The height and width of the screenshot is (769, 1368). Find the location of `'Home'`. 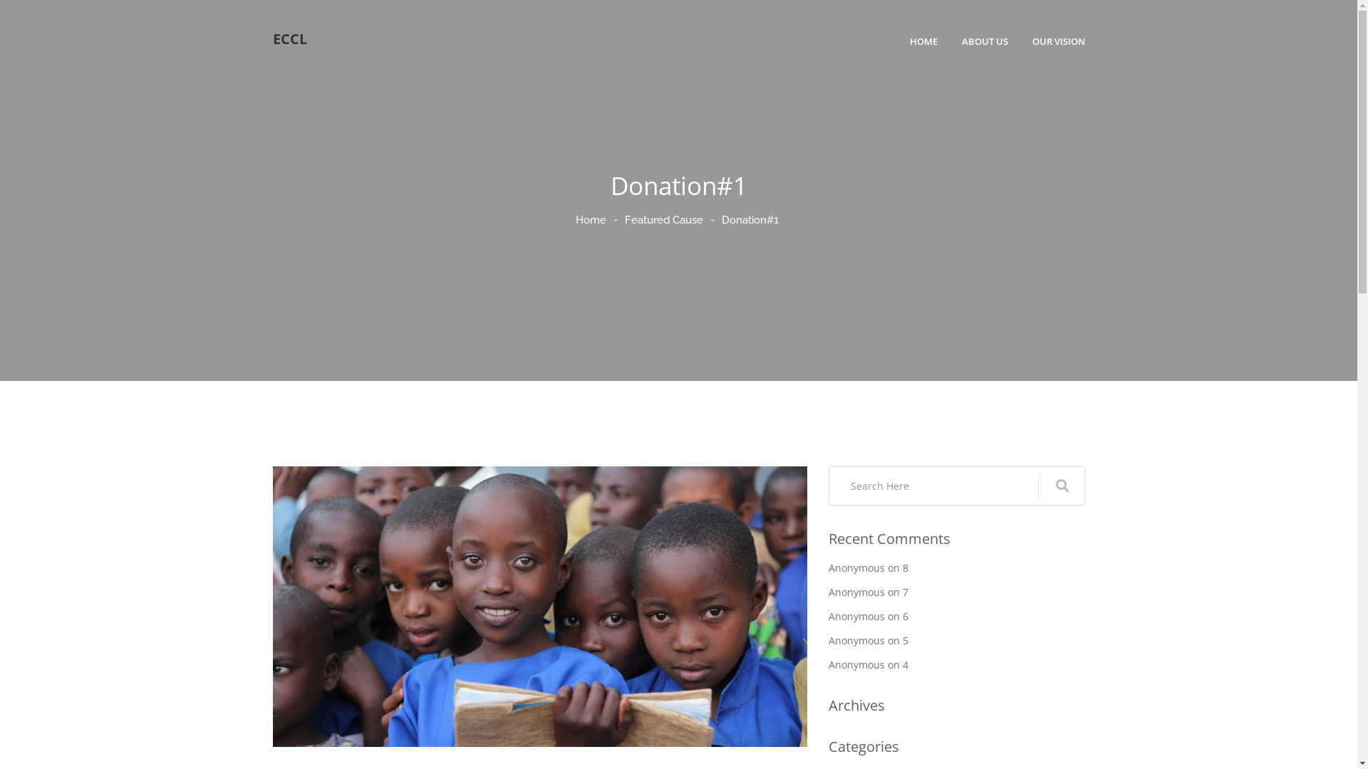

'Home' is located at coordinates (591, 219).